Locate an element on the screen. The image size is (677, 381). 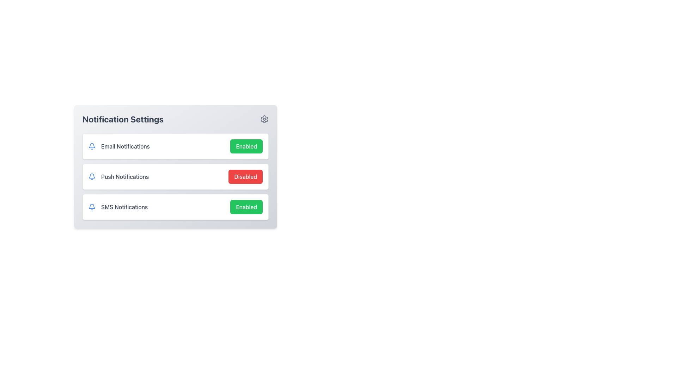
the settings icon located to the right of 'Notification Settings' is located at coordinates (264, 119).